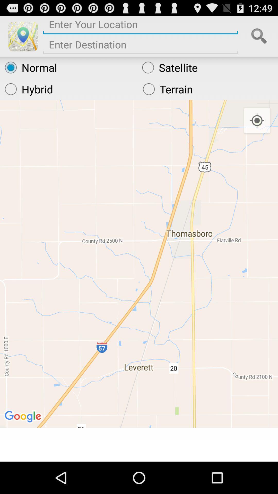  Describe the element at coordinates (208, 89) in the screenshot. I see `the radio button below the normal radio button` at that location.